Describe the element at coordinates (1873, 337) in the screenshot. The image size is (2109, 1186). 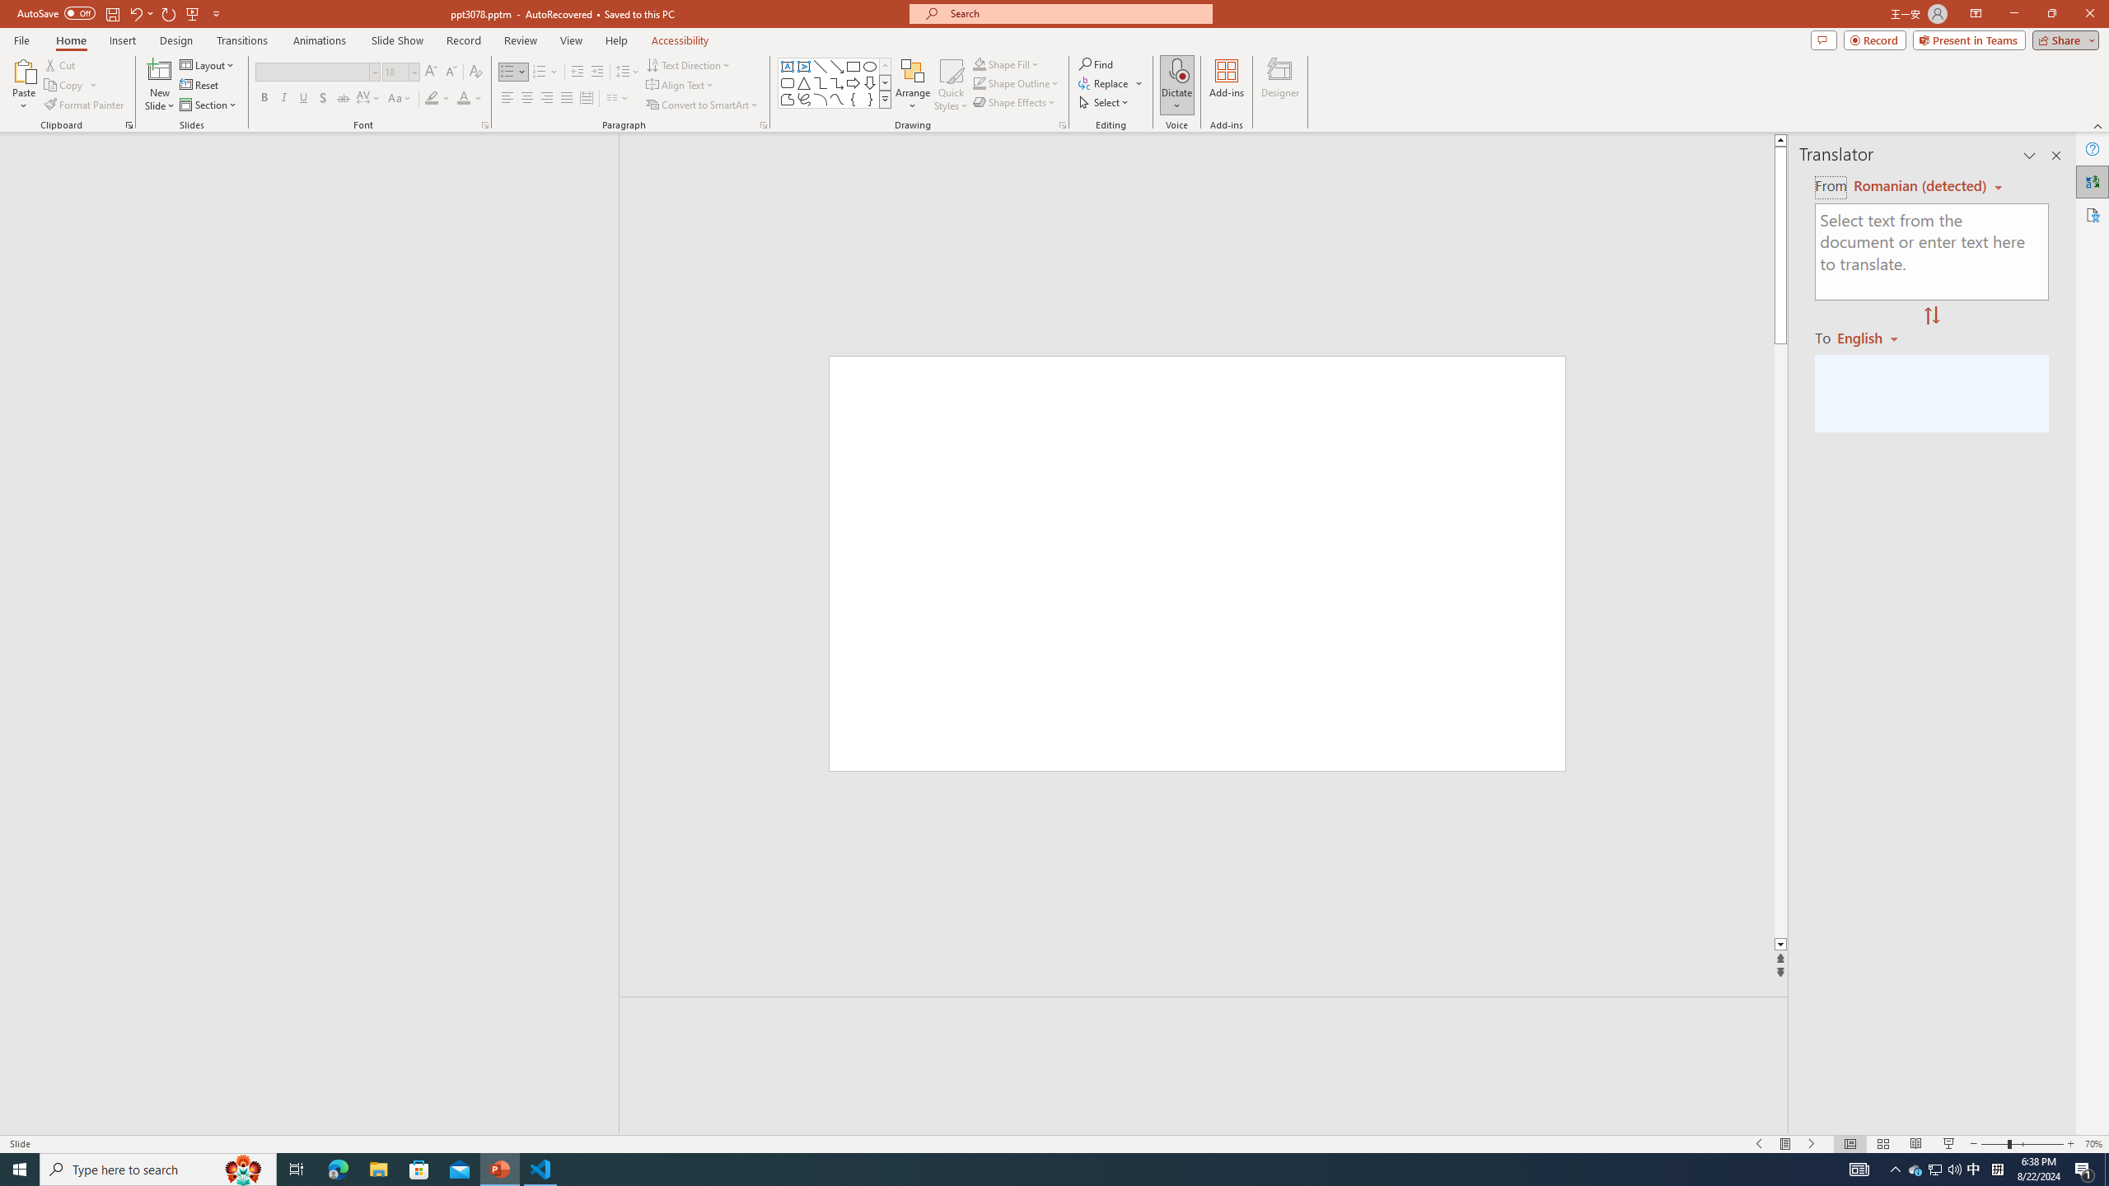
I see `'Romanian'` at that location.